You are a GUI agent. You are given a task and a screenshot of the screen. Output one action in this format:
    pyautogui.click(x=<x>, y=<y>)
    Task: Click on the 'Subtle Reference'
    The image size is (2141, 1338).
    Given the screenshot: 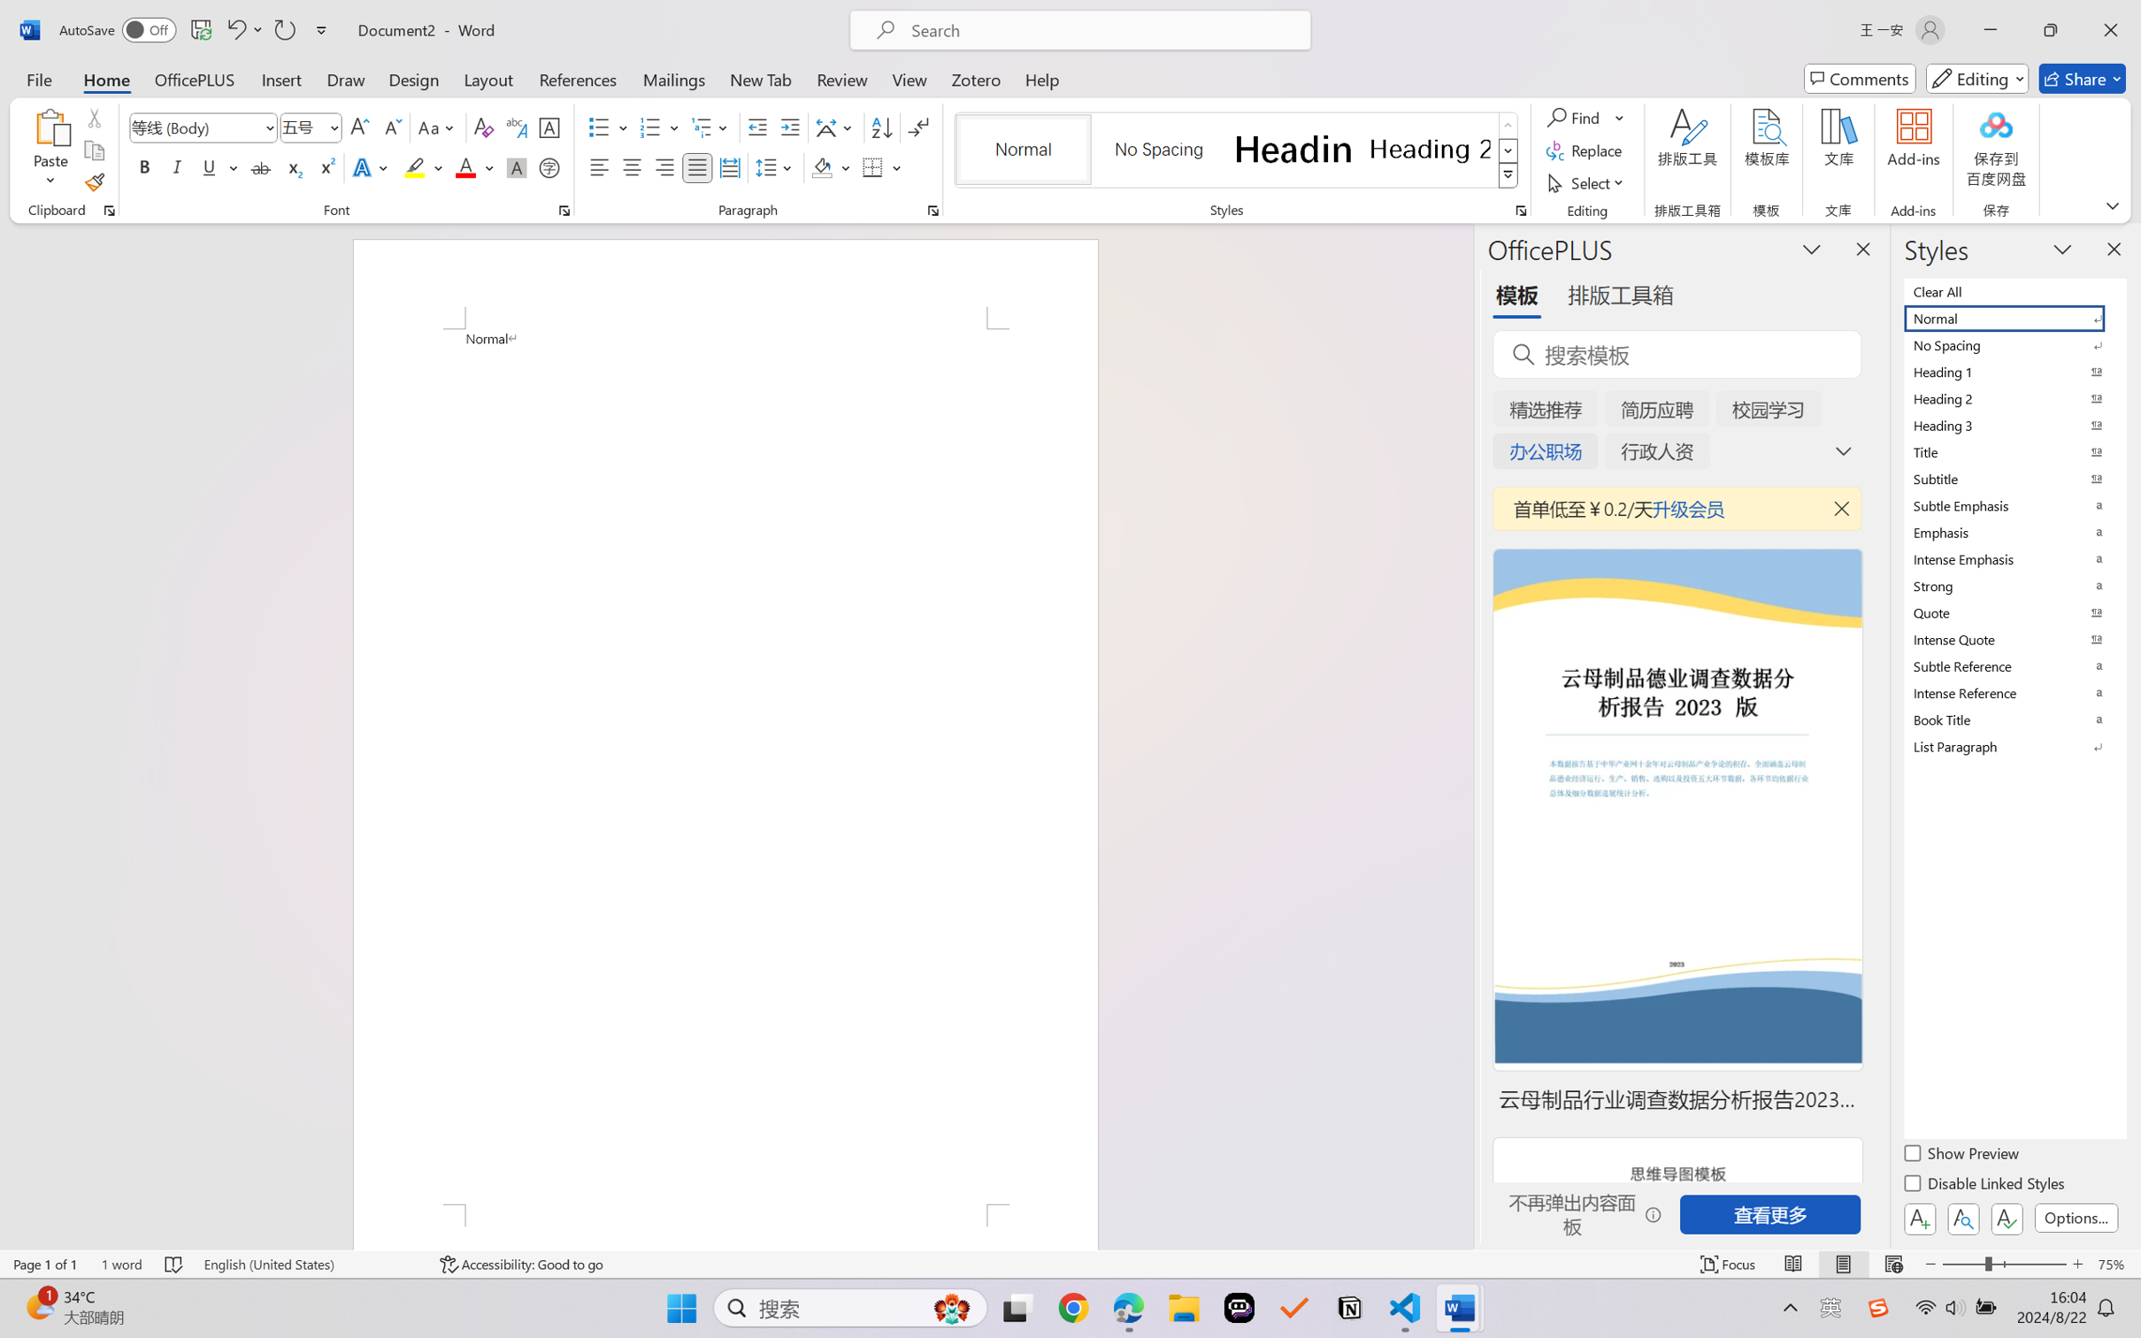 What is the action you would take?
    pyautogui.click(x=2013, y=665)
    